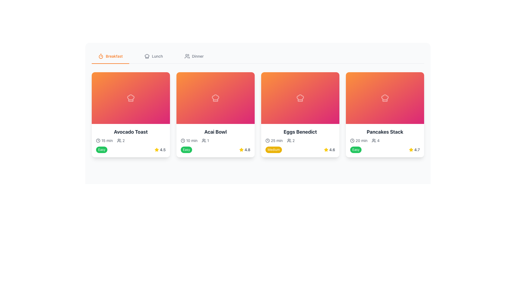  Describe the element at coordinates (384, 140) in the screenshot. I see `the information displayed in the informational label containing the texts '20 min' and '4' with their respective icons, located in the fourth card under the 'Breakfast' section, below 'Pancakes Stack'` at that location.